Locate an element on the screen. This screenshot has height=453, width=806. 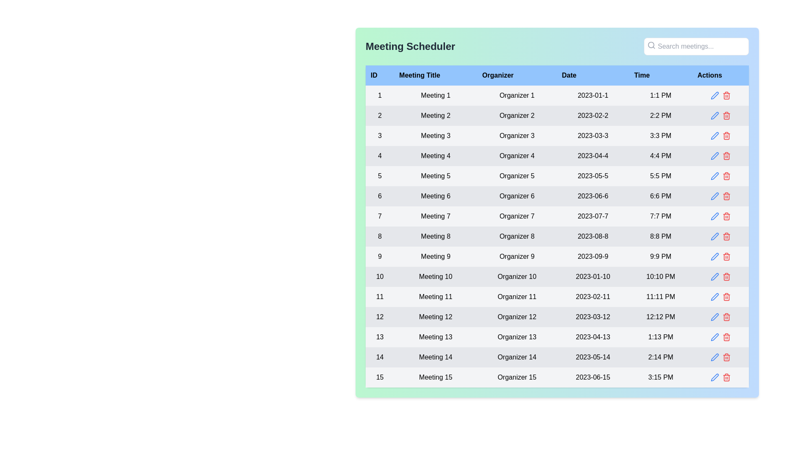
the 'Meeting 1' text label in the second column of the first row under 'Meeting Scheduler' if it has an interactive action assigned is located at coordinates (435, 95).